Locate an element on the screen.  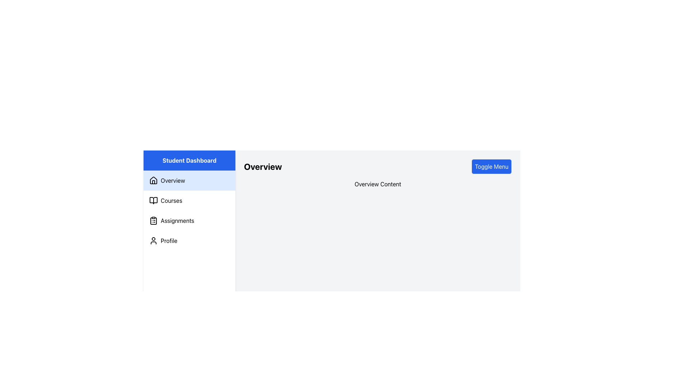
the label for the first menu item in the left navigation panel, located beneath the 'Student Dashboard' heading is located at coordinates (173, 180).